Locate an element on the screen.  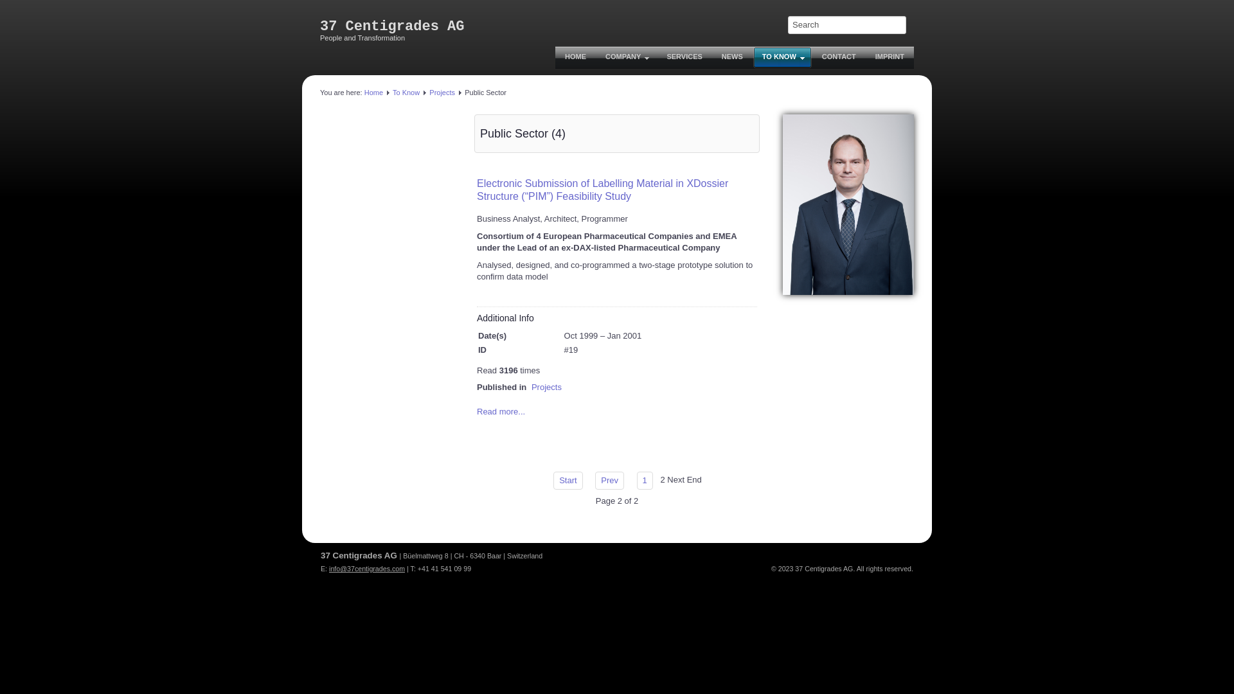
'Home' is located at coordinates (373, 91).